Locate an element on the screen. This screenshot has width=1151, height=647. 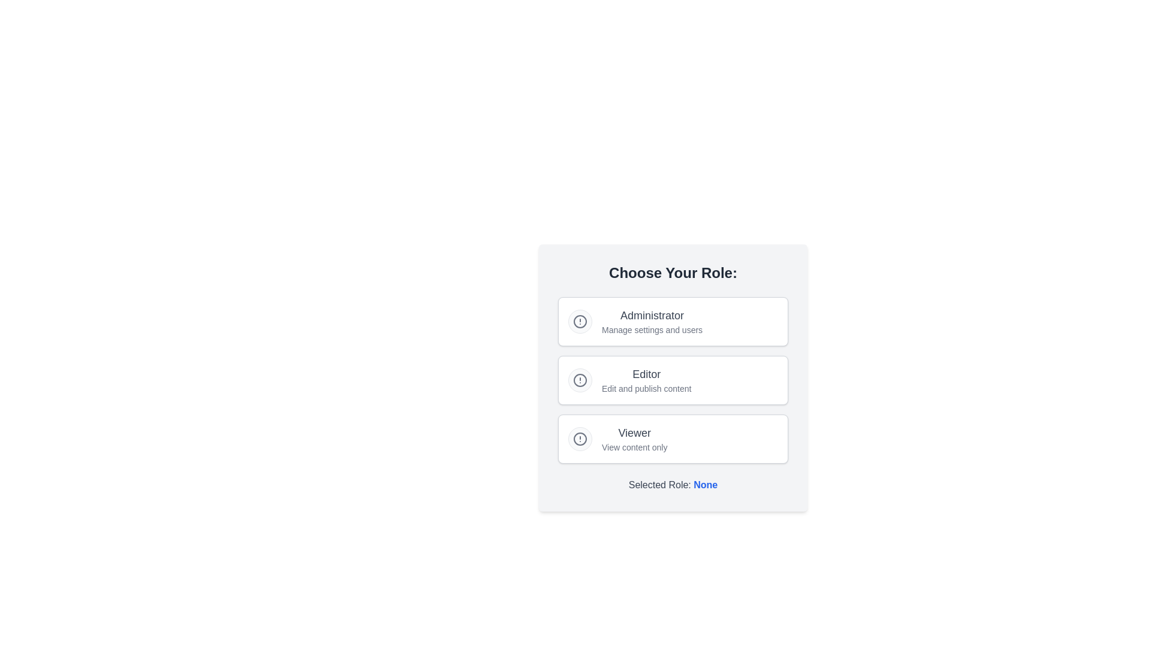
the static text that reads 'Manage settings and users', which is located directly below the bold title 'Administrator' in the card layout is located at coordinates (652, 330).